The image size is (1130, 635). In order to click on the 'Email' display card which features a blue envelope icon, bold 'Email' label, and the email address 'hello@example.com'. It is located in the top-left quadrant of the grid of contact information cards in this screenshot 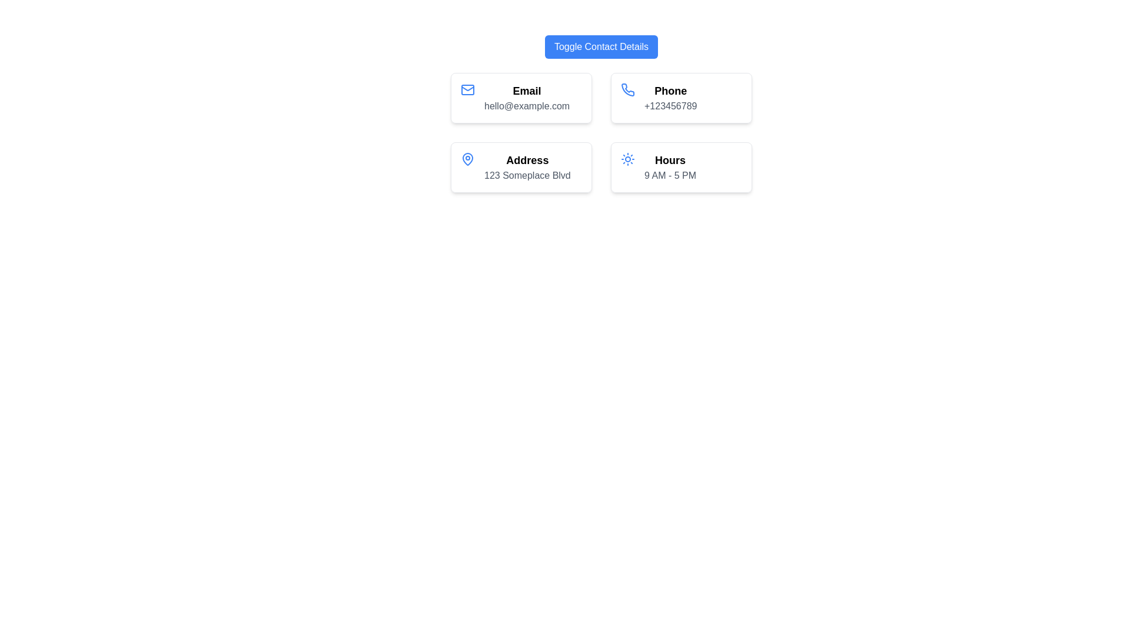, I will do `click(521, 97)`.